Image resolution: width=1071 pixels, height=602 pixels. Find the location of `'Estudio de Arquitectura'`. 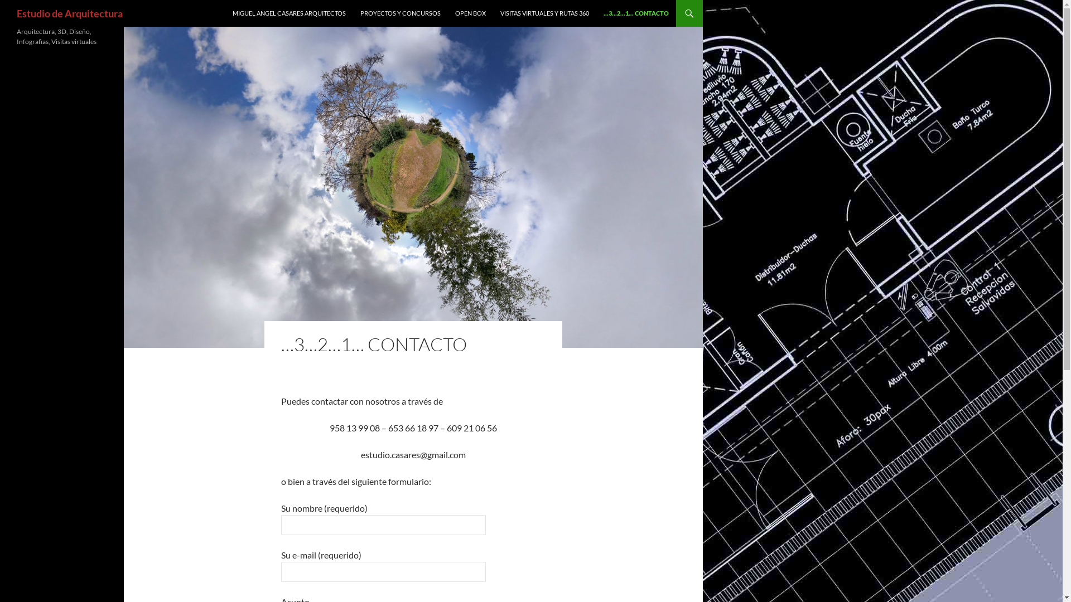

'Estudio de Arquitectura' is located at coordinates (69, 13).